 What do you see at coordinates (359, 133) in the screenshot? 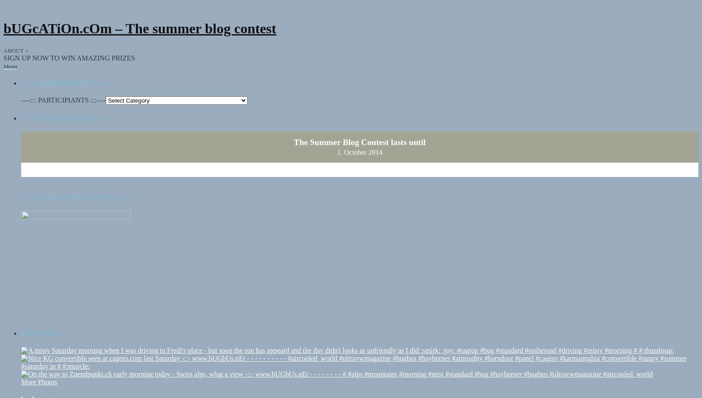
I see `'The Summer Blog Contest lasts until'` at bounding box center [359, 133].